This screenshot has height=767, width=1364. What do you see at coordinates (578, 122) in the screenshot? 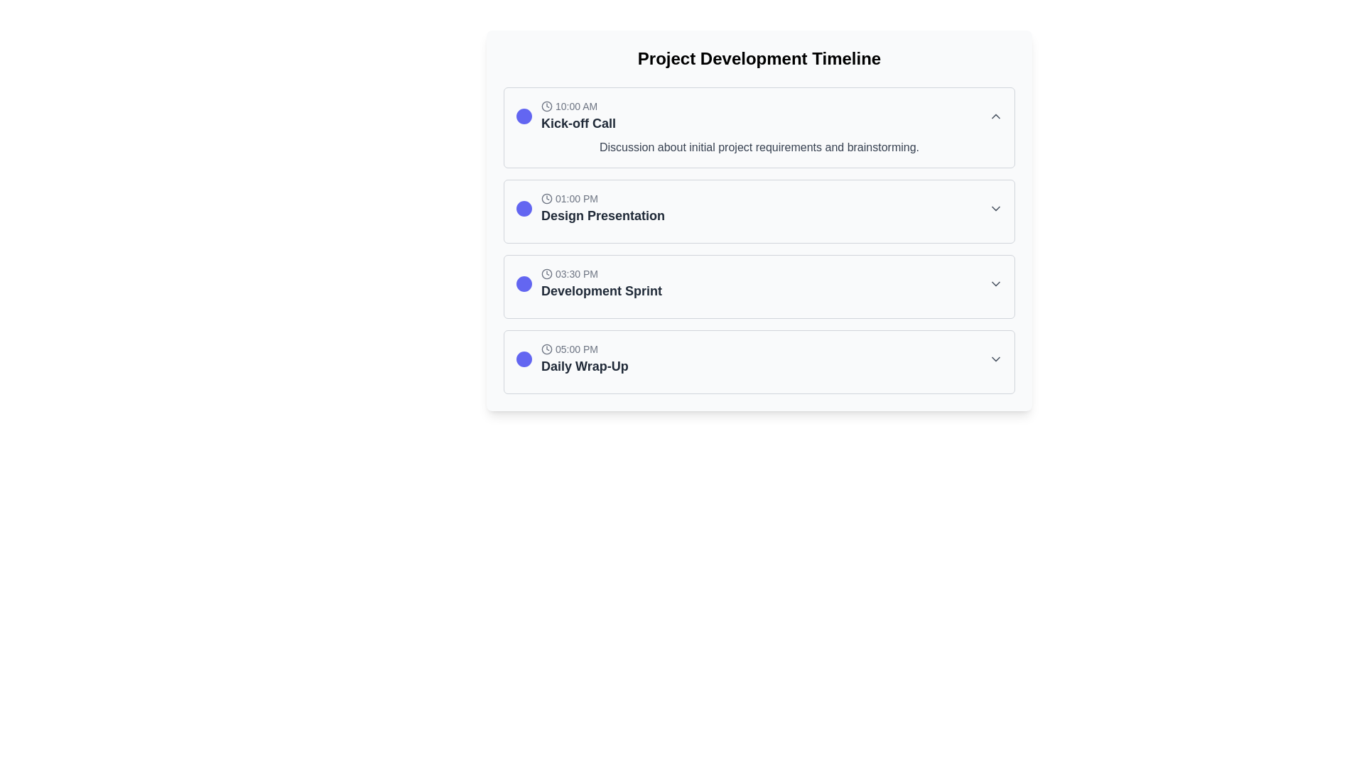
I see `the event title text element positioned below the '10:00 AM' time indicator in the timeline` at bounding box center [578, 122].